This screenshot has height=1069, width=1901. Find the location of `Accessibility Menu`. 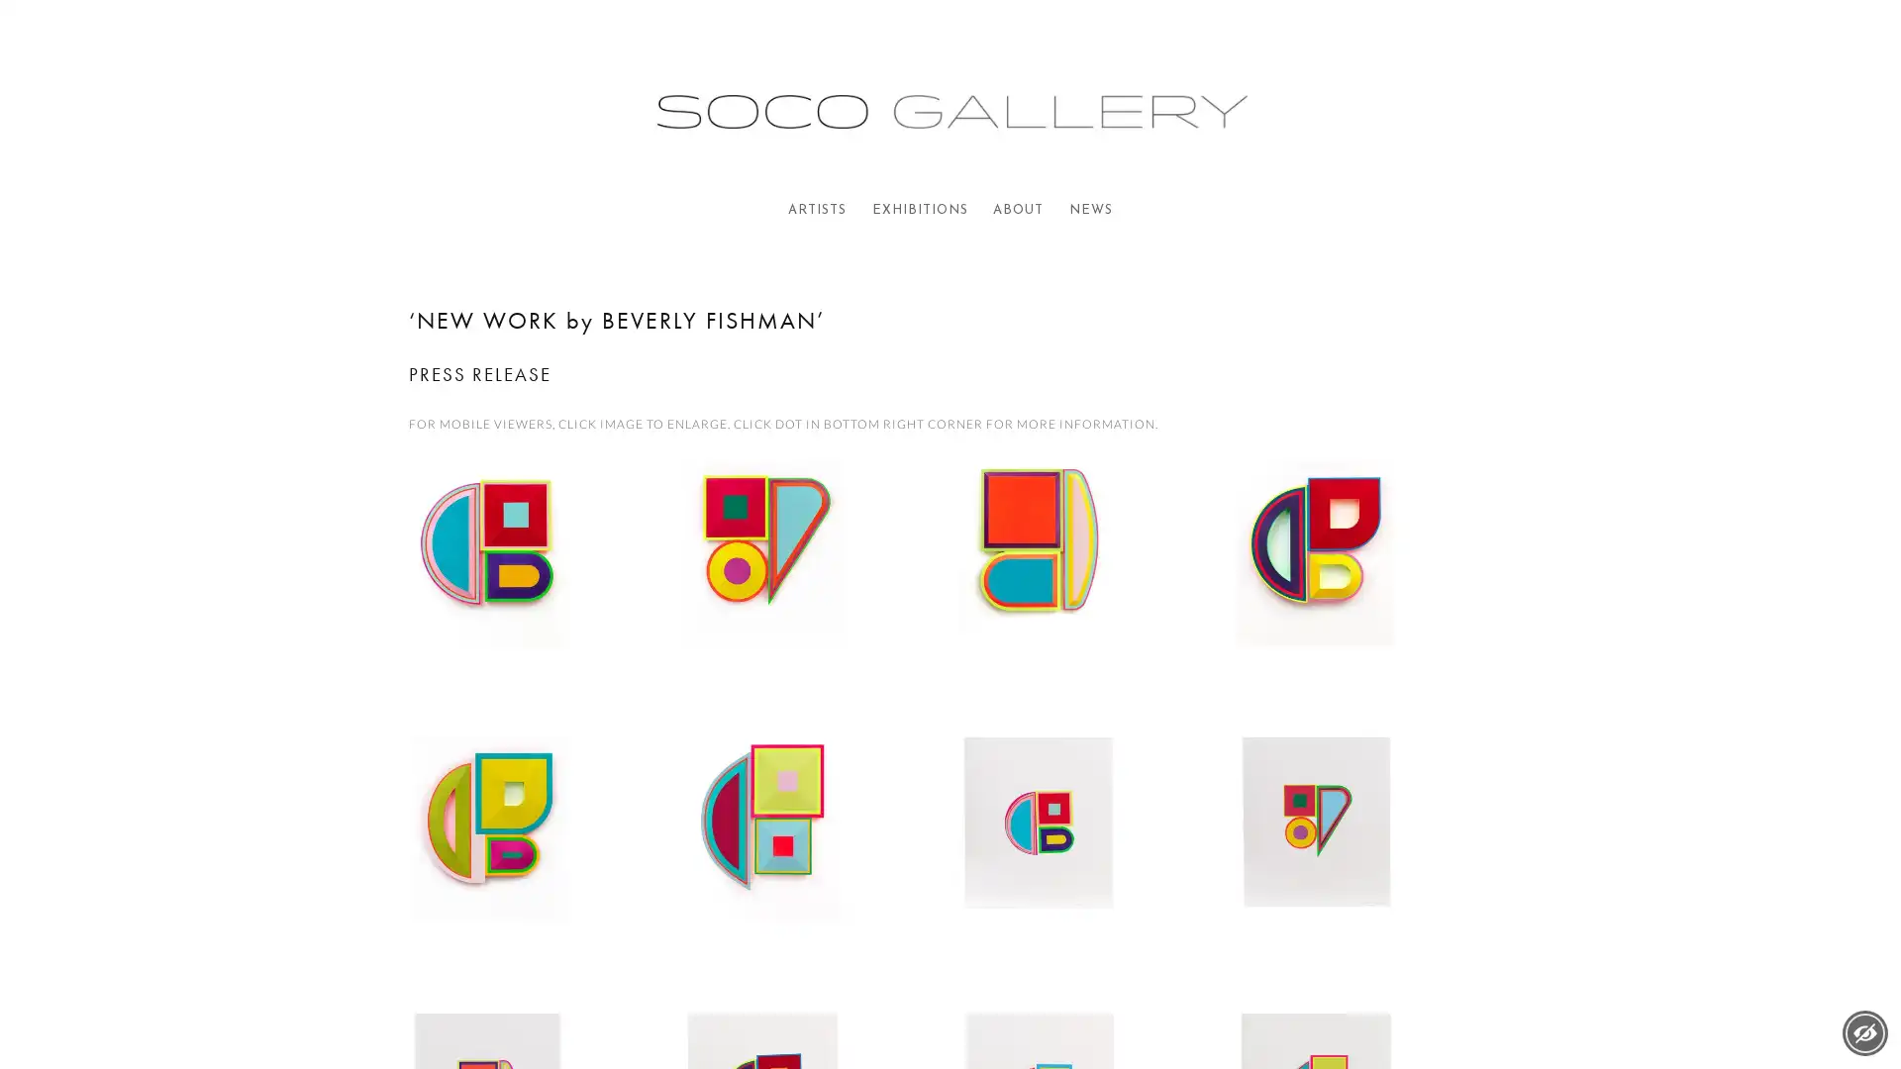

Accessibility Menu is located at coordinates (1863, 1032).